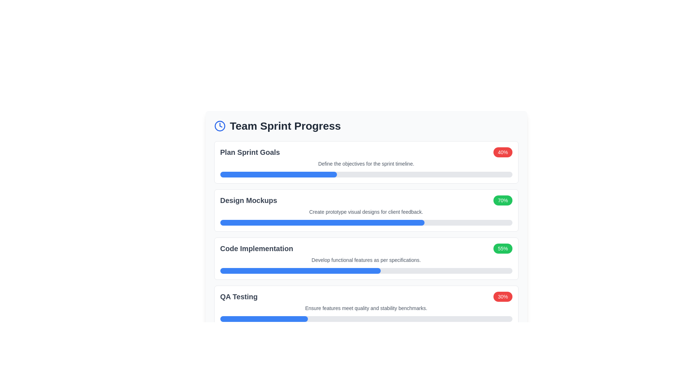 This screenshot has width=689, height=388. I want to click on the textual component displaying 'Create prototype visual designs for client feedback.' located in the 'Design Mockups' section, below the title 'Design Mockups' and above the progress bar, so click(366, 212).